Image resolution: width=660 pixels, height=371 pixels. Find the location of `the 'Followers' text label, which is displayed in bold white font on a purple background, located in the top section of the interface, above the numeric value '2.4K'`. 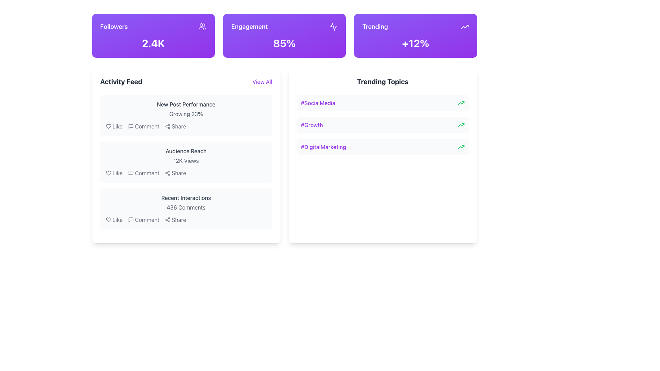

the 'Followers' text label, which is displayed in bold white font on a purple background, located in the top section of the interface, above the numeric value '2.4K' is located at coordinates (114, 26).